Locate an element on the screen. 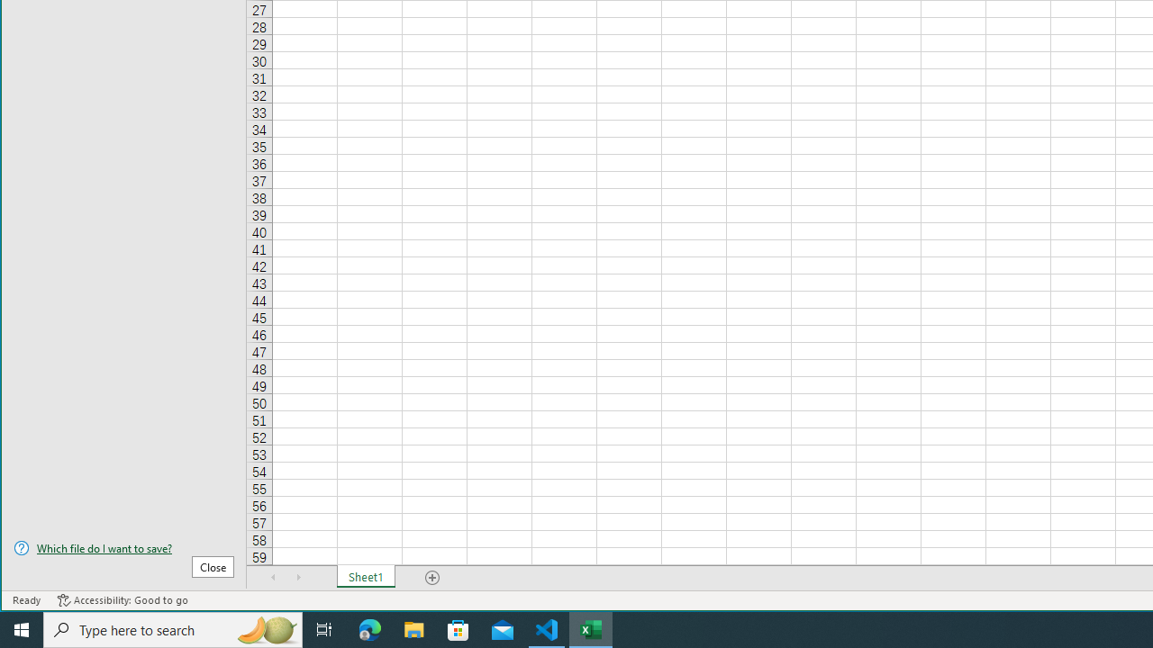  'Close' is located at coordinates (213, 567).